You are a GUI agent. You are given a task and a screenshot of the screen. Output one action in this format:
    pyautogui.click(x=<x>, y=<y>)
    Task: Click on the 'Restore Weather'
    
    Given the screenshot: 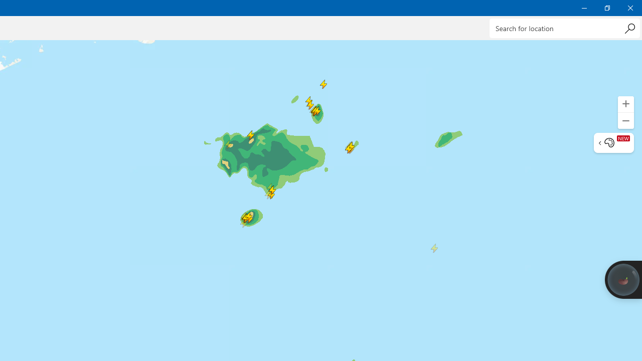 What is the action you would take?
    pyautogui.click(x=606, y=8)
    